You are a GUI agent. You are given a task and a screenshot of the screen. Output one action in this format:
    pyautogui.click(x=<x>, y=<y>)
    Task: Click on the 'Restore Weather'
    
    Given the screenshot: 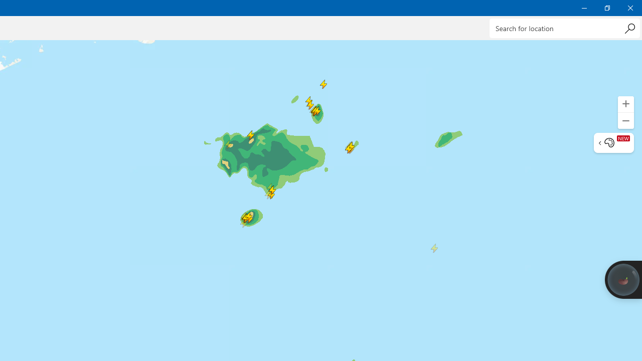 What is the action you would take?
    pyautogui.click(x=606, y=8)
    